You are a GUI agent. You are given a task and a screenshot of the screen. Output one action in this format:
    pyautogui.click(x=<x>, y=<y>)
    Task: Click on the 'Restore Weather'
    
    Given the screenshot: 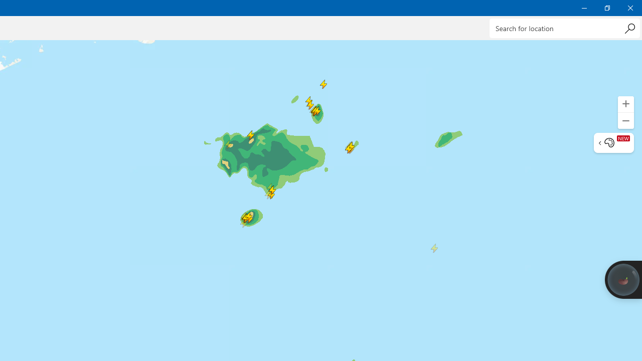 What is the action you would take?
    pyautogui.click(x=606, y=8)
    